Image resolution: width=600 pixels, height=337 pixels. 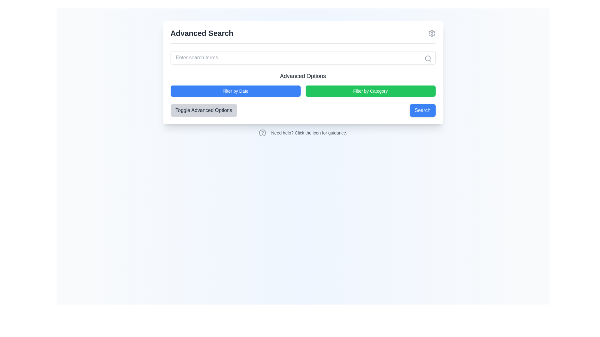 I want to click on SVG Circle element located at the center of the help icon in the bottom left of the main panel, below the 'Advanced Options' section, so click(x=262, y=132).